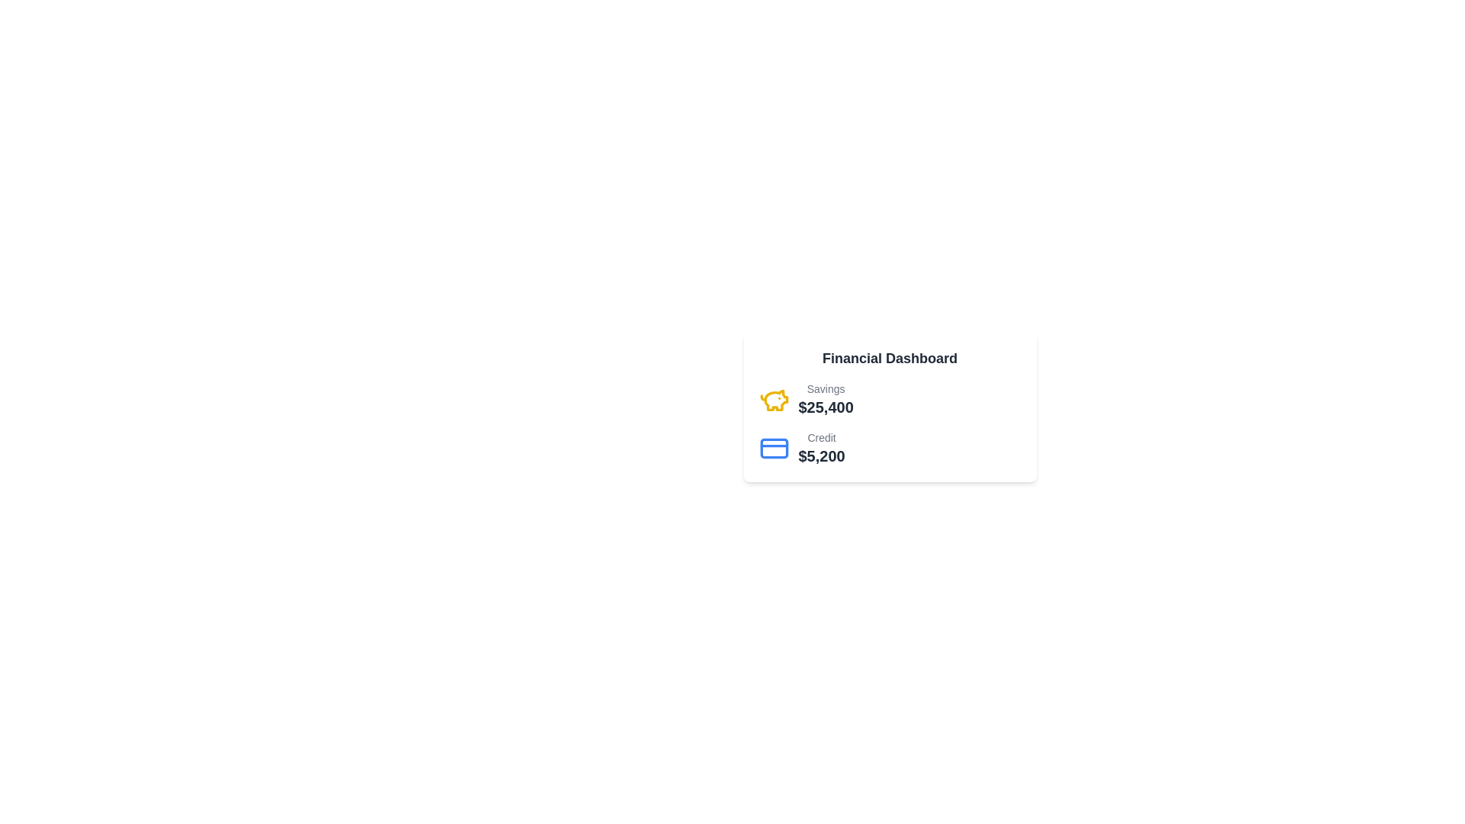 This screenshot has width=1465, height=824. What do you see at coordinates (825, 399) in the screenshot?
I see `the 'Savings' monetary value element displaying '$25,400' in the financial dashboard interface` at bounding box center [825, 399].